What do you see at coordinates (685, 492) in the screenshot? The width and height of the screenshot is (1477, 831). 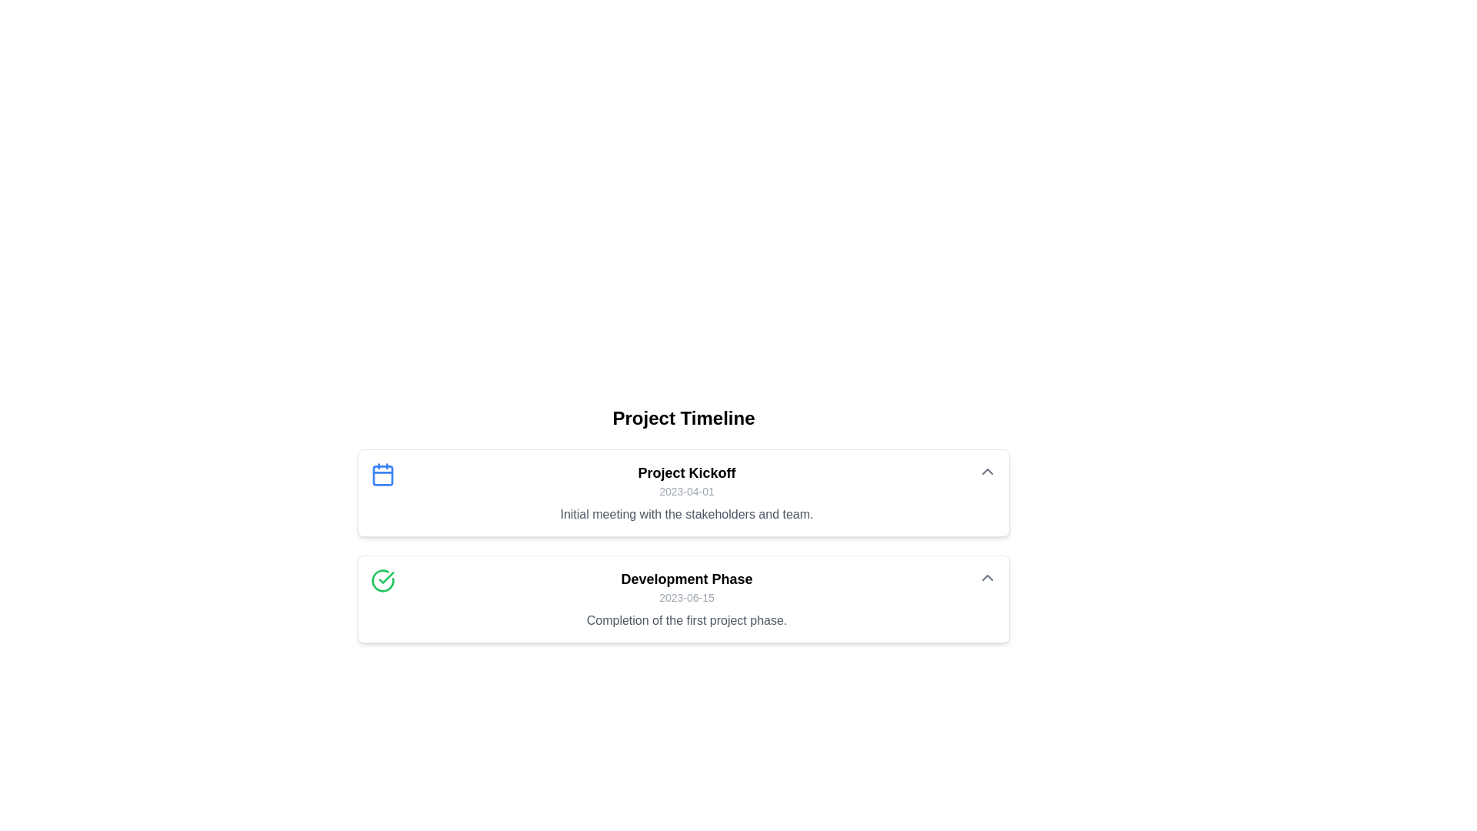 I see `the Text Panel element, which is the first entry in the 'Project Timeline' view, located beneath the title 'Project Timeline' and above the 'Development Phase' entry` at bounding box center [685, 492].